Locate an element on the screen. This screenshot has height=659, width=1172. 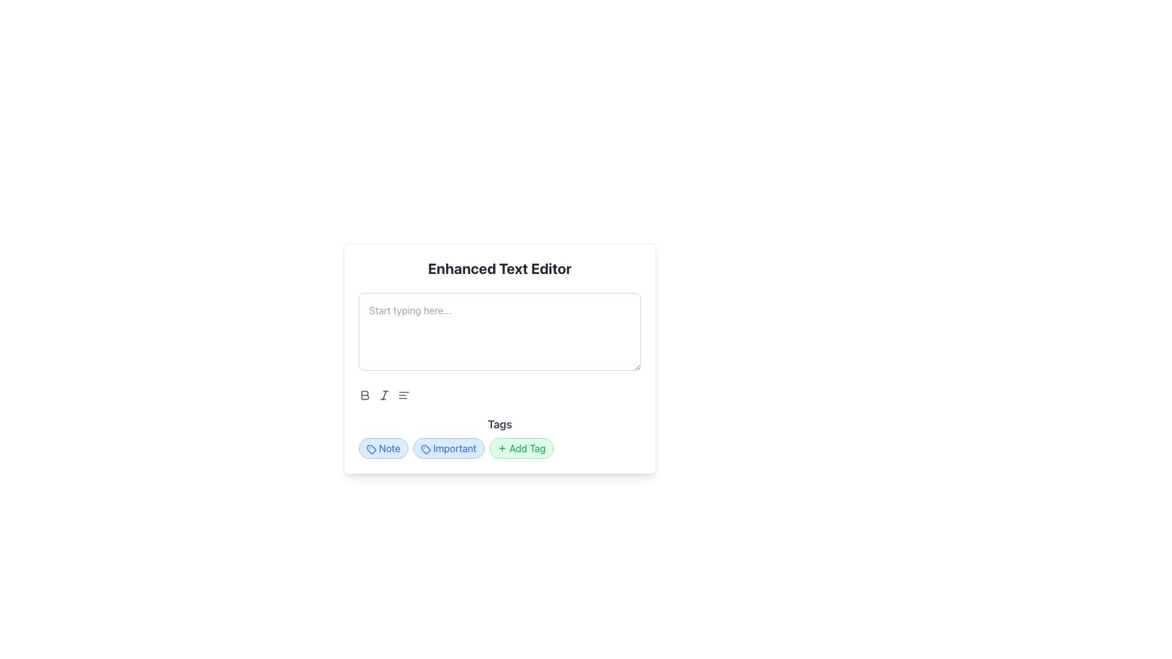
the tag icon located in the 'Tags' section, positioned to the left of other tags like 'Important' and 'Add Tag', at the bottom of the interface is located at coordinates (371, 449).